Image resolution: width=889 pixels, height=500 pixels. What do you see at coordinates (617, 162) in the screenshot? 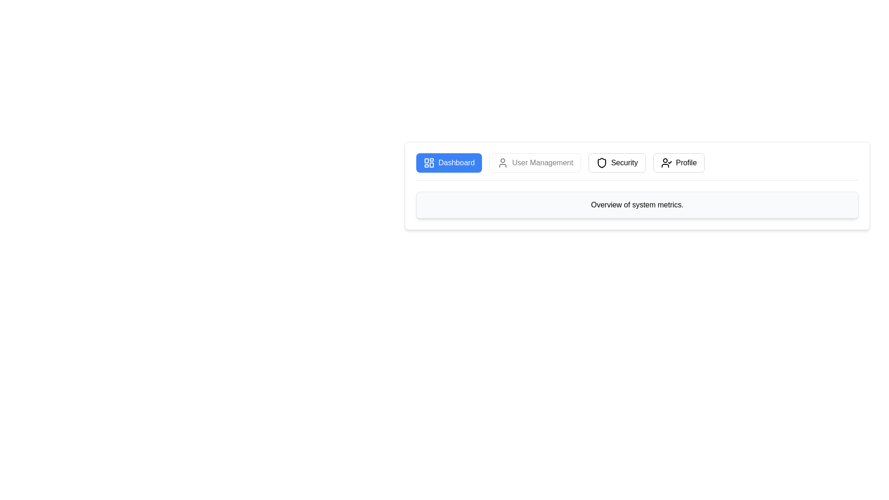
I see `the 'Security' button, which is a rectangular button with rounded corners and a shield icon` at bounding box center [617, 162].